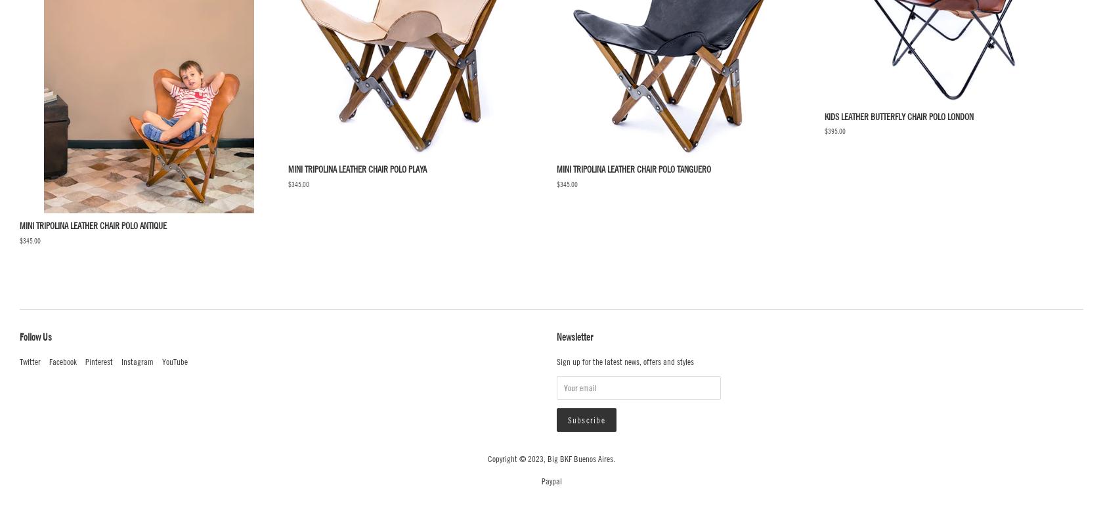  I want to click on 'Facebook', so click(62, 362).